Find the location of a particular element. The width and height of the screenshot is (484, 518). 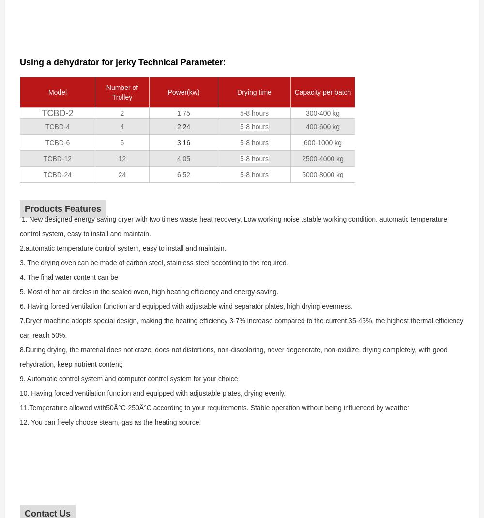

'3. The drying oven can be made of carbon steel, stainless steel according to the required.' is located at coordinates (153, 262).